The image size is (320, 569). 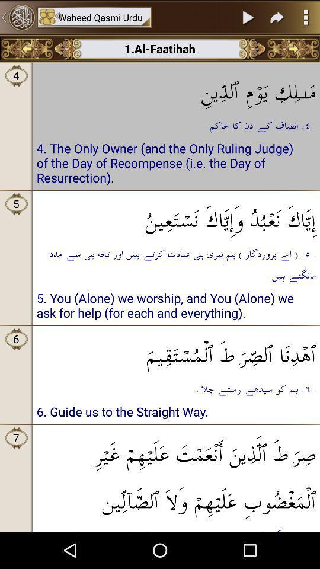 I want to click on the more icon, so click(x=306, y=18).